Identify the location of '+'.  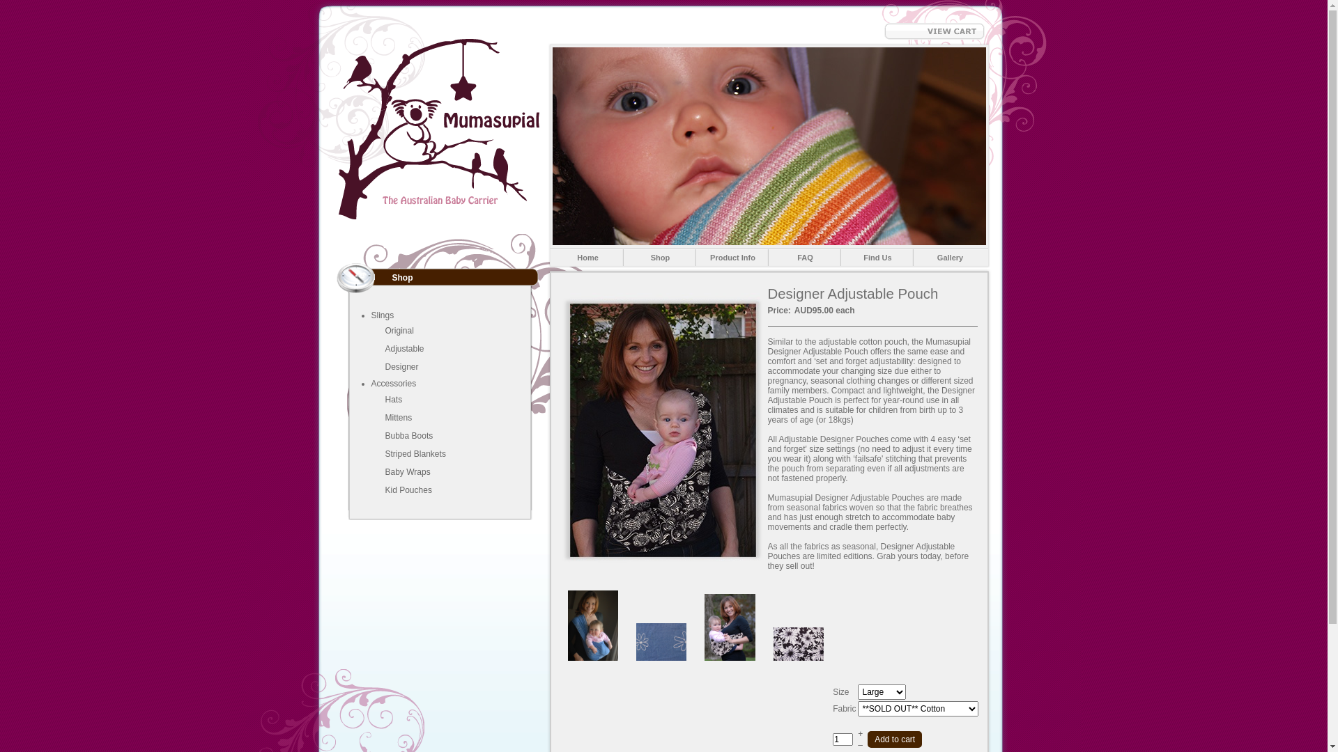
(859, 733).